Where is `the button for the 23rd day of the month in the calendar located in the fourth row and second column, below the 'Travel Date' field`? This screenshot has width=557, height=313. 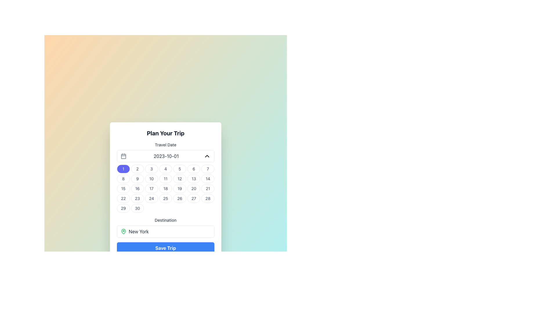 the button for the 23rd day of the month in the calendar located in the fourth row and second column, below the 'Travel Date' field is located at coordinates (137, 198).